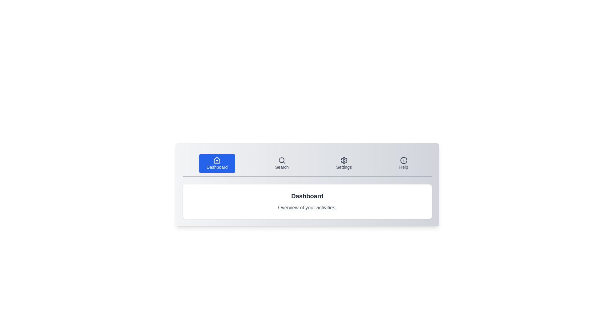 The height and width of the screenshot is (332, 591). I want to click on the tab labeled 'Dashboard' to activate it, so click(217, 163).